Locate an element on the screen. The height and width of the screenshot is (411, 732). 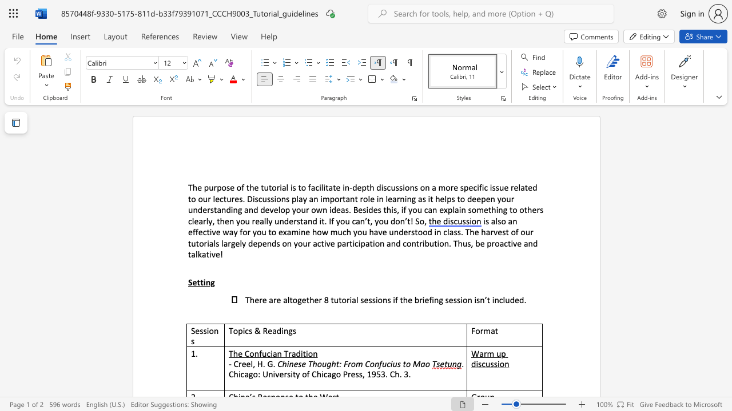
the 1th character "o" in the text is located at coordinates (336, 198).